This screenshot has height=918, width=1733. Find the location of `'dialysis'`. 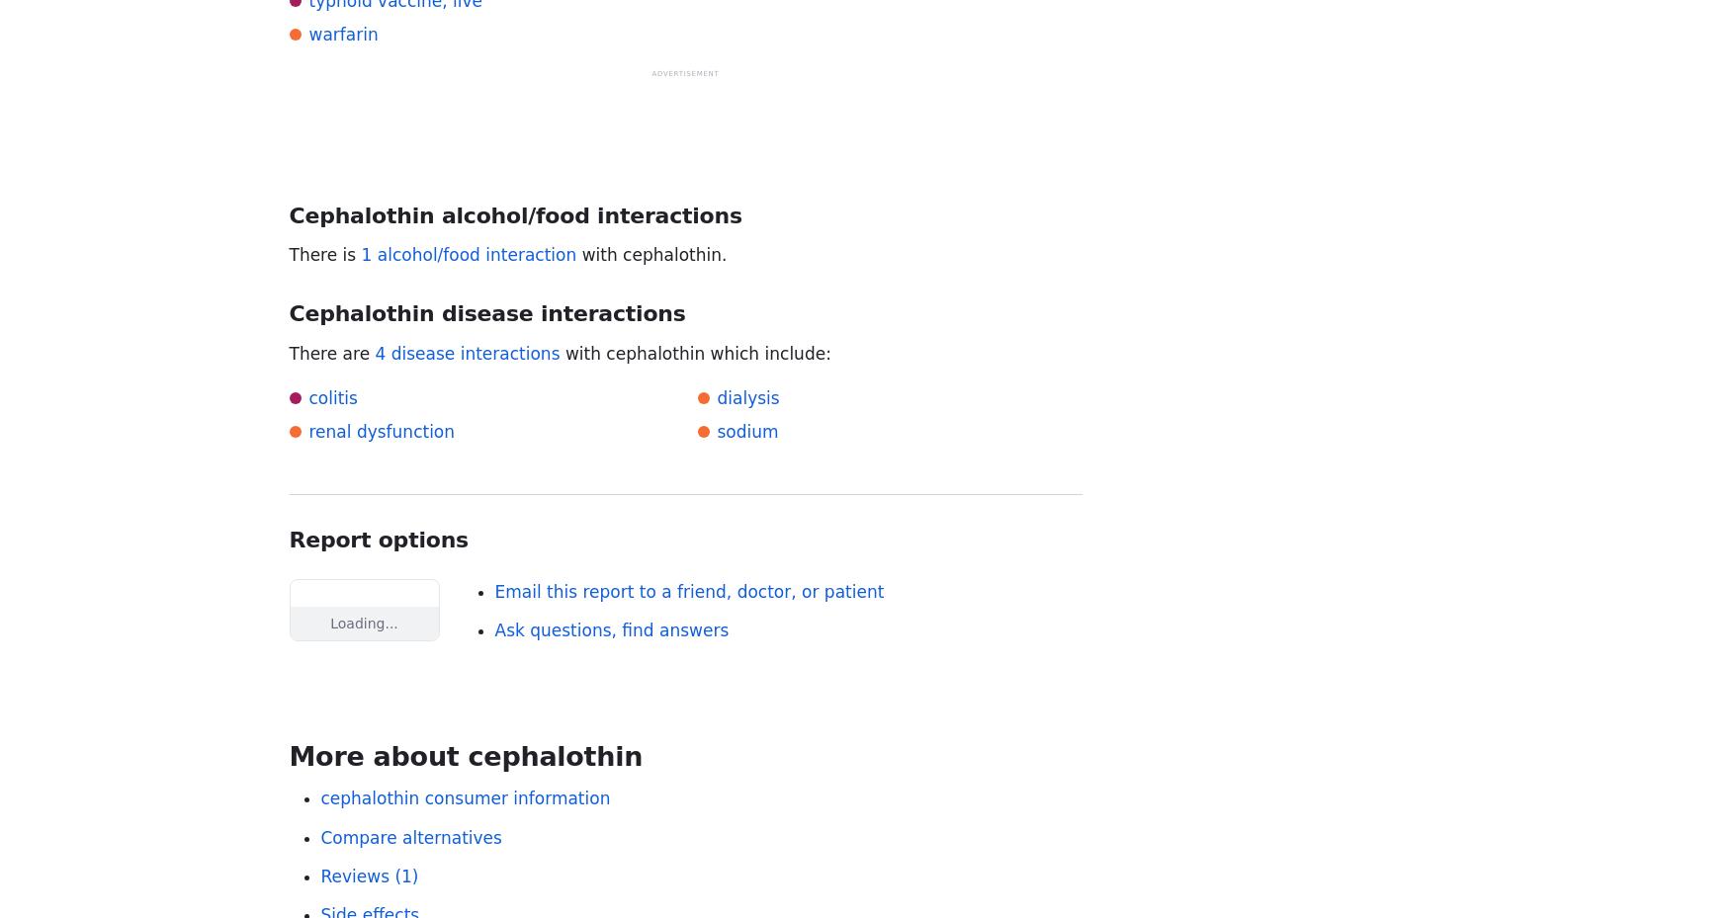

'dialysis' is located at coordinates (746, 397).